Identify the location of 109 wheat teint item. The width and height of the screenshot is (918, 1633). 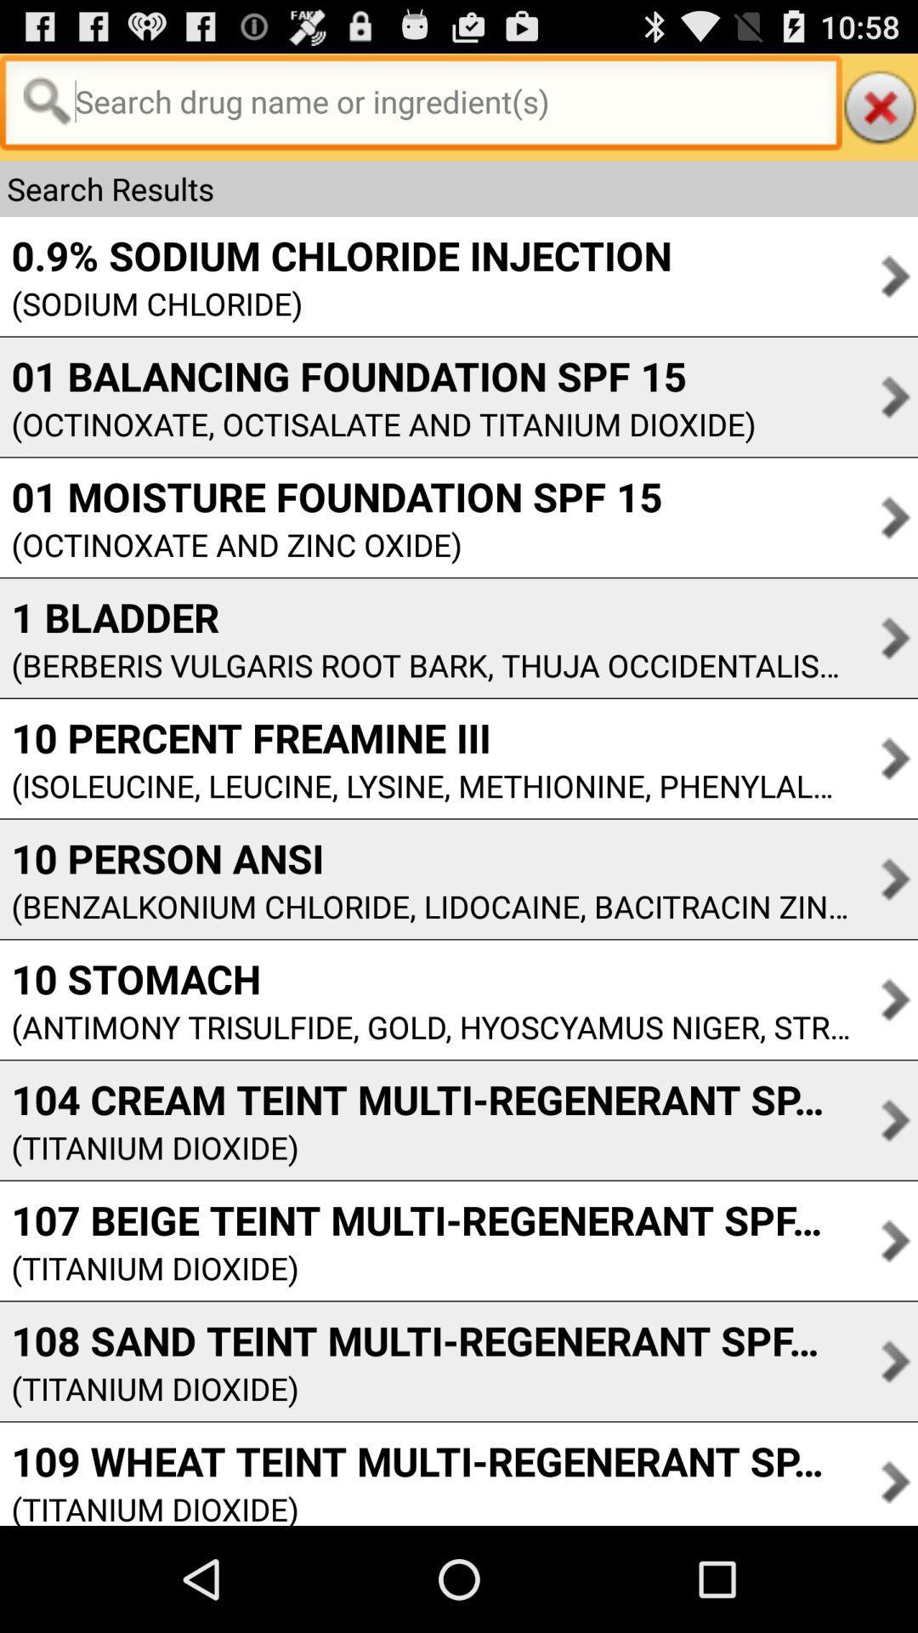
(424, 1459).